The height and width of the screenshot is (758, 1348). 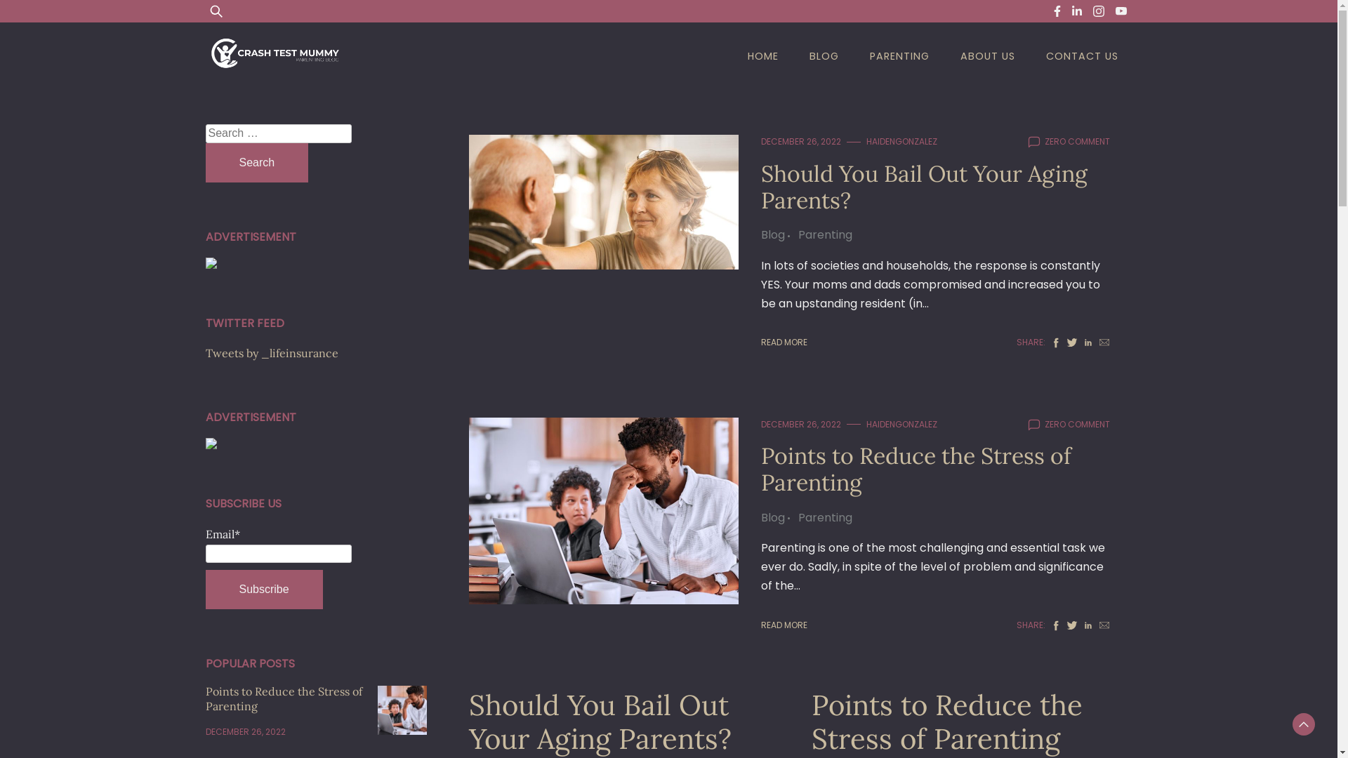 What do you see at coordinates (263, 590) in the screenshot?
I see `'Subscribe'` at bounding box center [263, 590].